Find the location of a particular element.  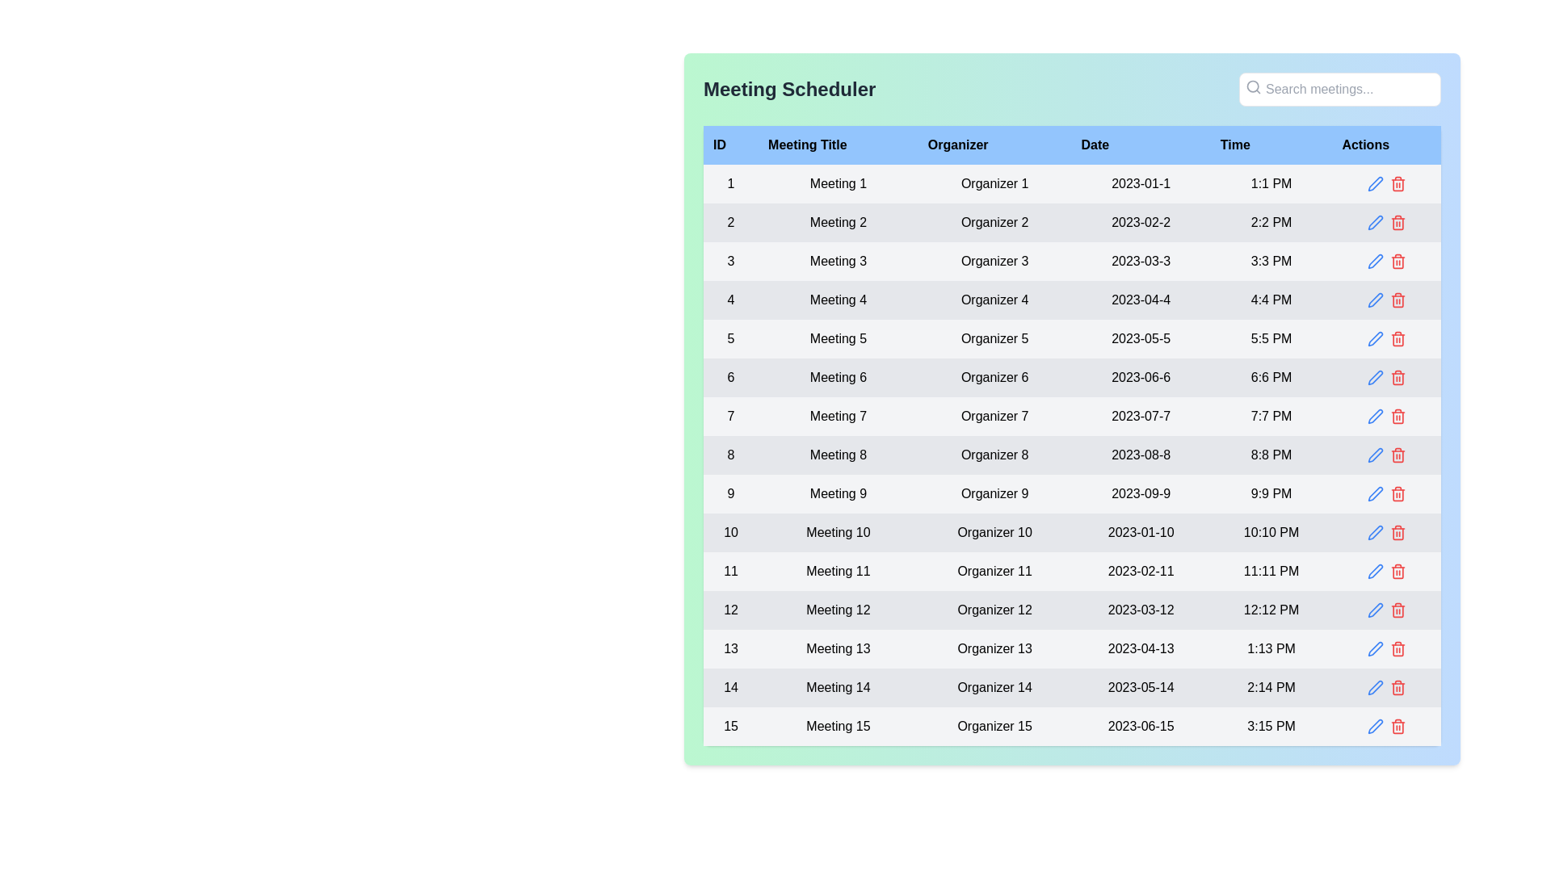

the edit icon button in the 'Actions' column of the table row for the meeting scheduled on 2023-01-10 at 10:10 PM is located at coordinates (1374, 532).